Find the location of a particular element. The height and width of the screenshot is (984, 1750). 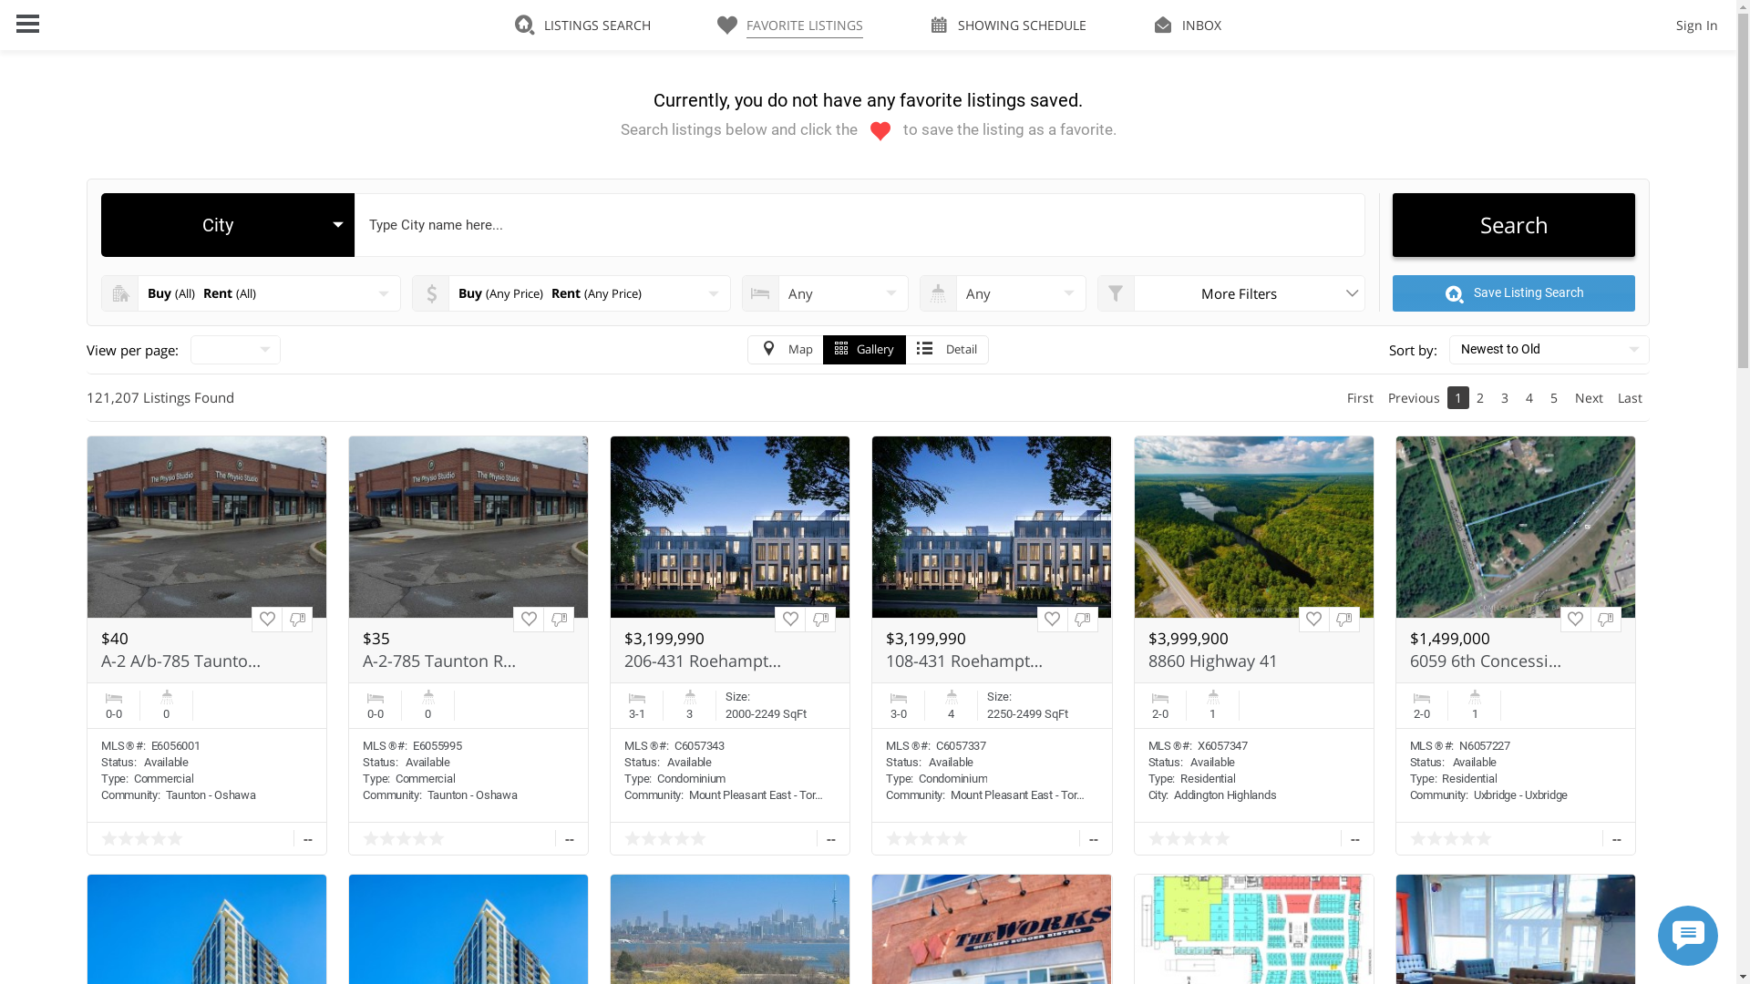

'Like' is located at coordinates (265, 618).